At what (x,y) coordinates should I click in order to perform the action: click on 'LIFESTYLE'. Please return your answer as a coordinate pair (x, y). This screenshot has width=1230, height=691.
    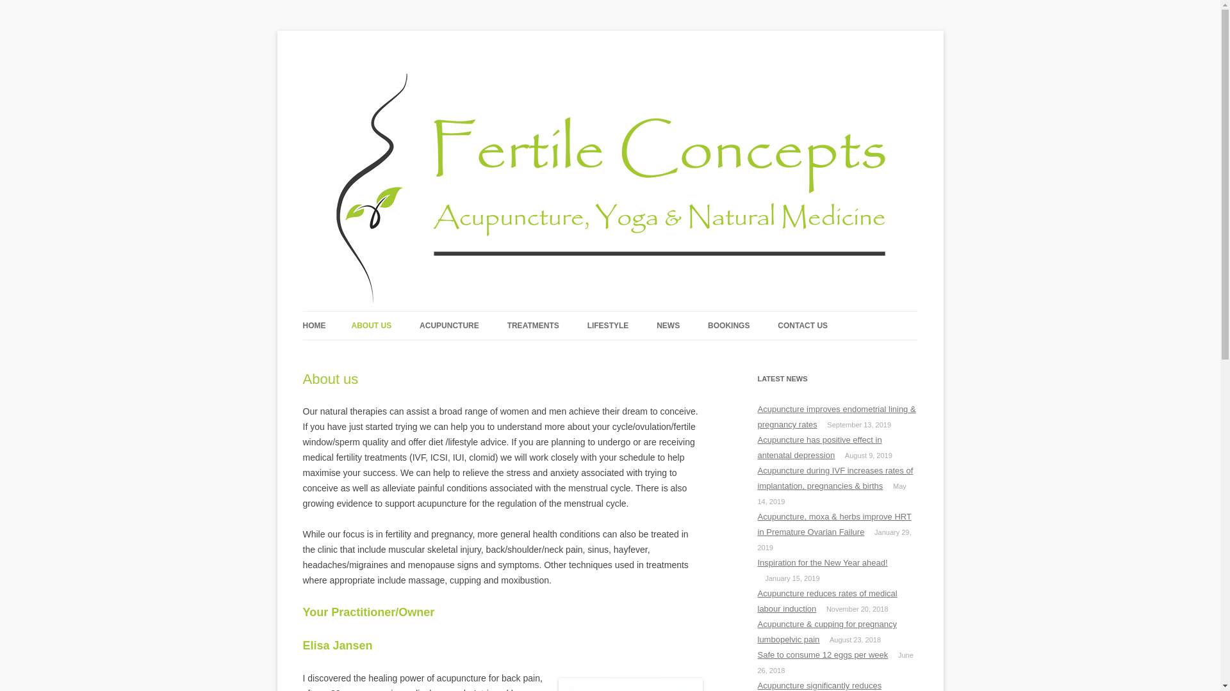
    Looking at the image, I should click on (607, 325).